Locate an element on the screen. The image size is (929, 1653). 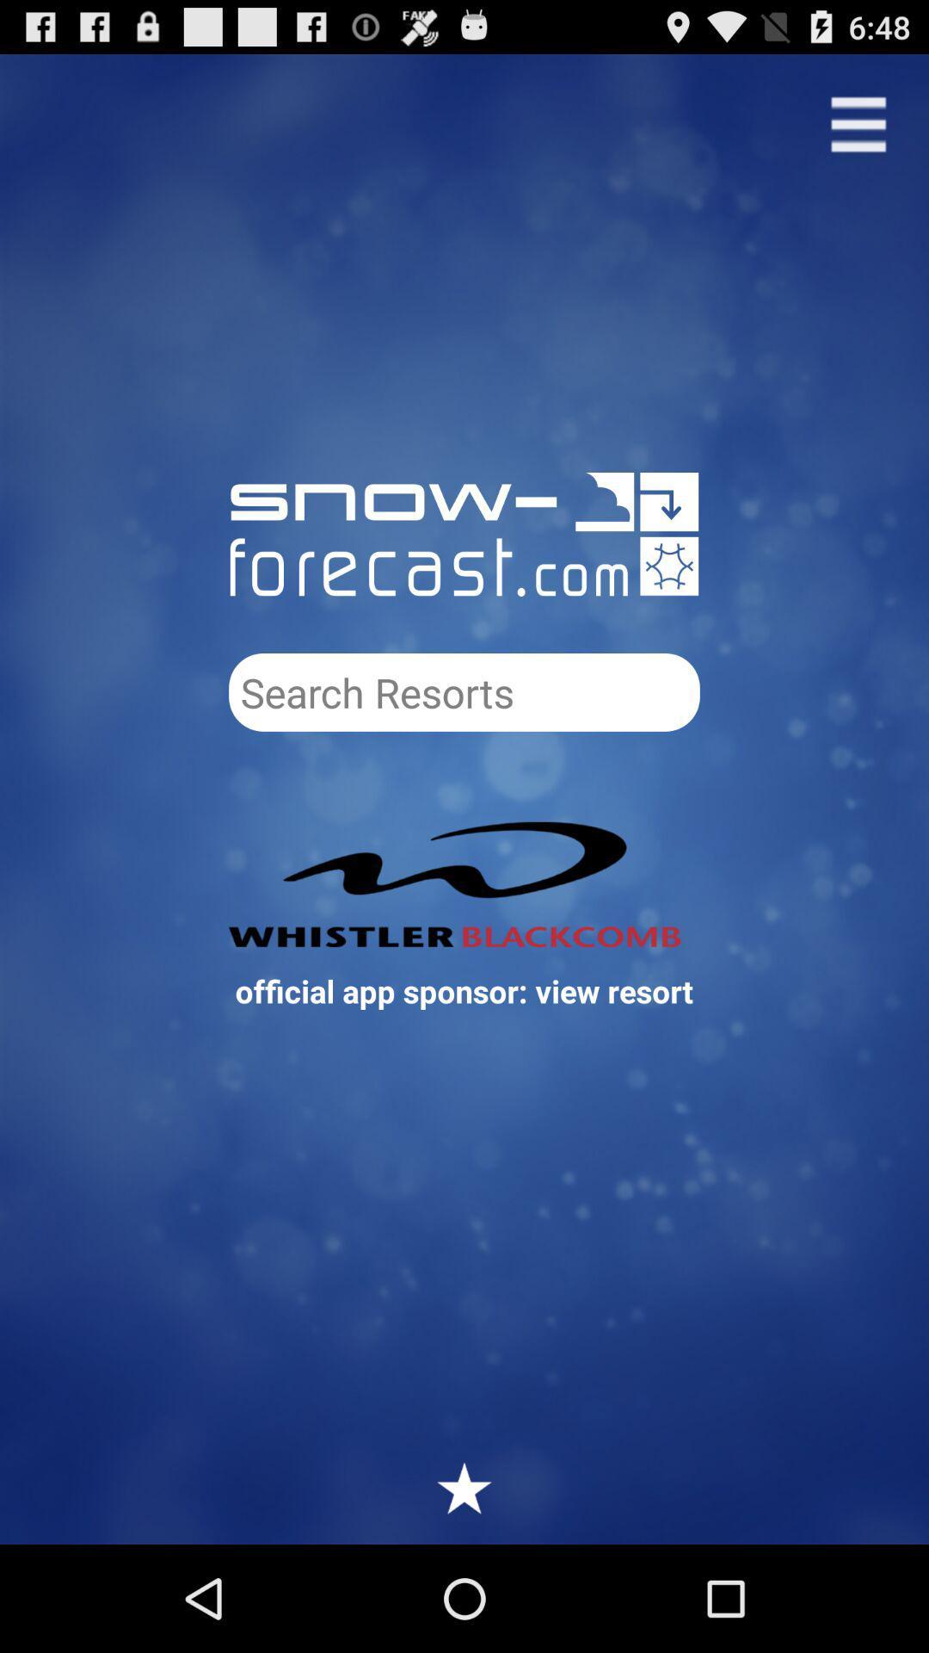
write a review is located at coordinates (464, 1487).